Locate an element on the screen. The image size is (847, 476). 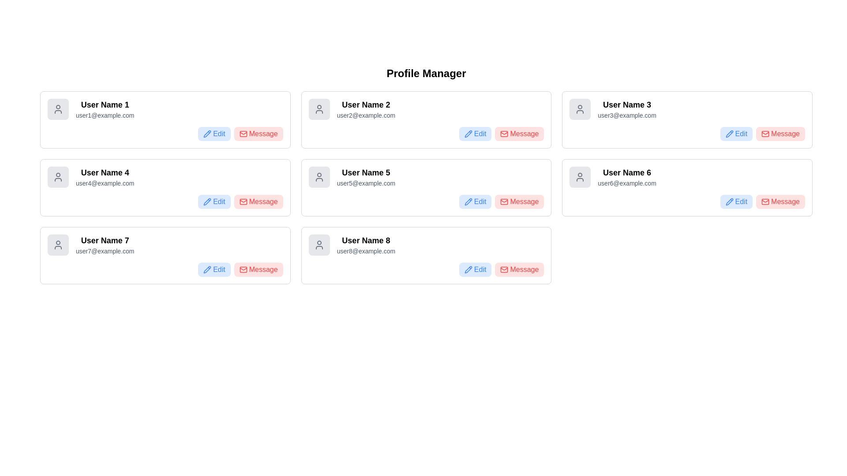
the 'Send Message' button, which is the second button in the bottom-left grouping of the profile manager interface for 'User Name 7' is located at coordinates (258, 269).